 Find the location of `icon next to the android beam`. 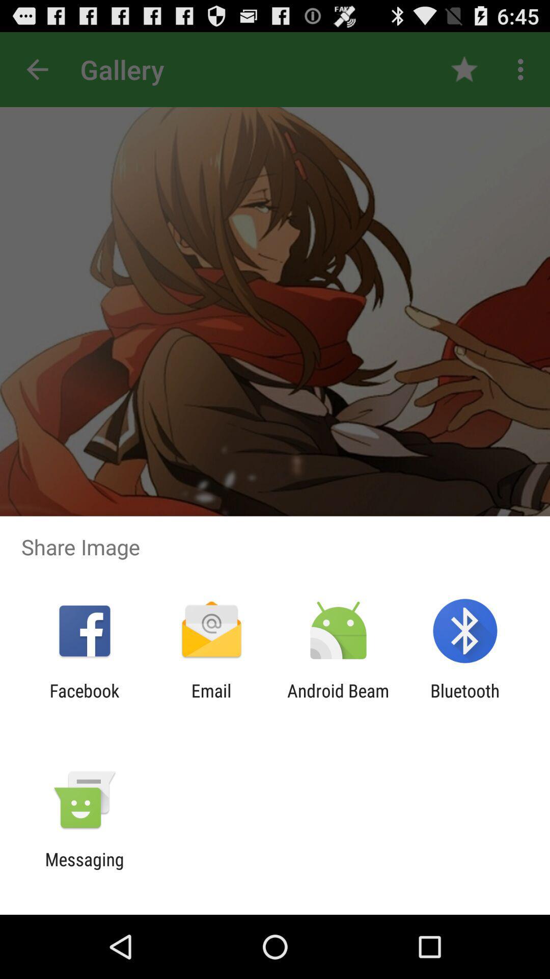

icon next to the android beam is located at coordinates (211, 701).